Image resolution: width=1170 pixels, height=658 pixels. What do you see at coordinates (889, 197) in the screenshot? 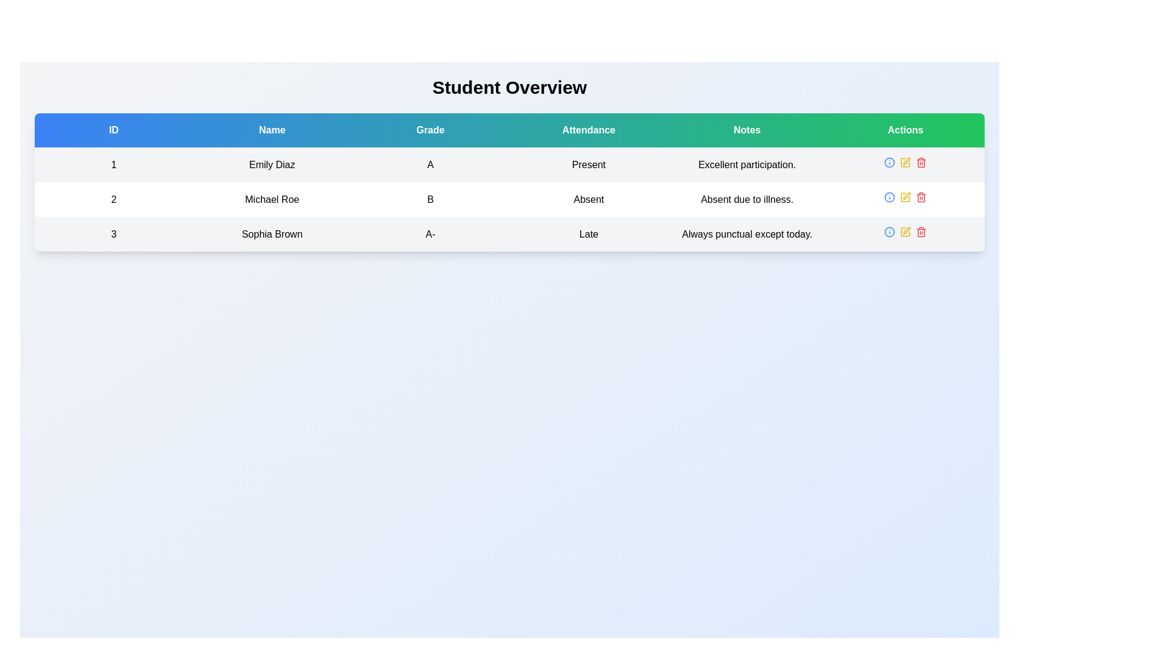
I see `the circular graphical component of the 'info' icon in the 'Actions' column of the table row for student 'Sophia Brown'` at bounding box center [889, 197].